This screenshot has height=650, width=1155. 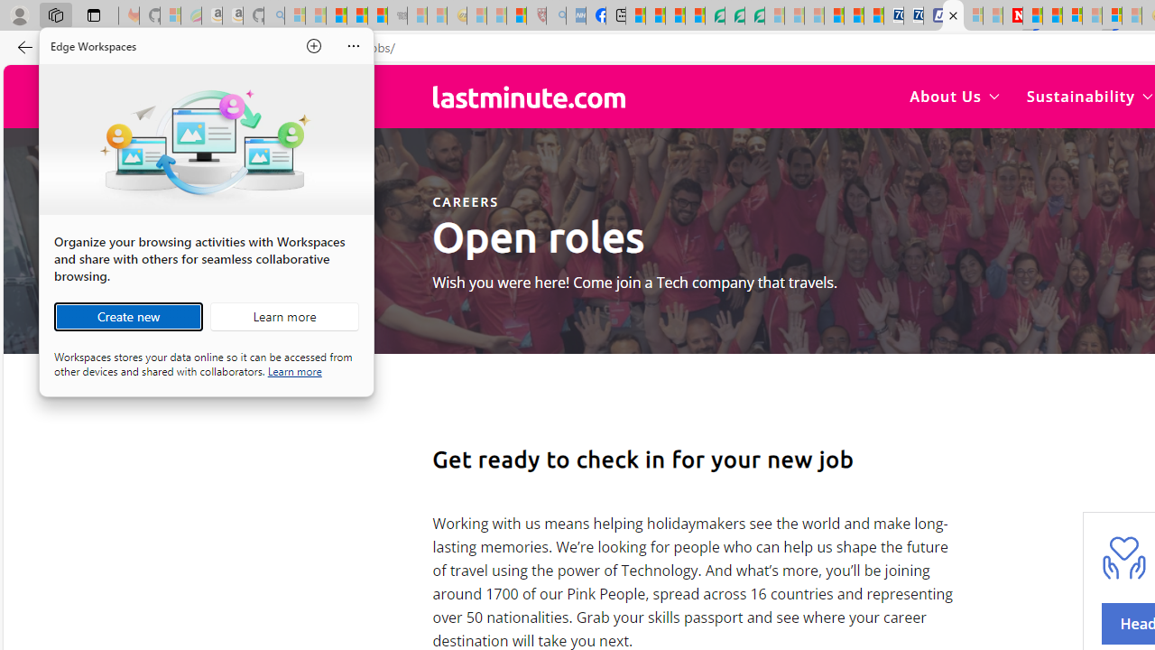 What do you see at coordinates (714, 15) in the screenshot?
I see `'LendingTree - Compare Lenders'` at bounding box center [714, 15].